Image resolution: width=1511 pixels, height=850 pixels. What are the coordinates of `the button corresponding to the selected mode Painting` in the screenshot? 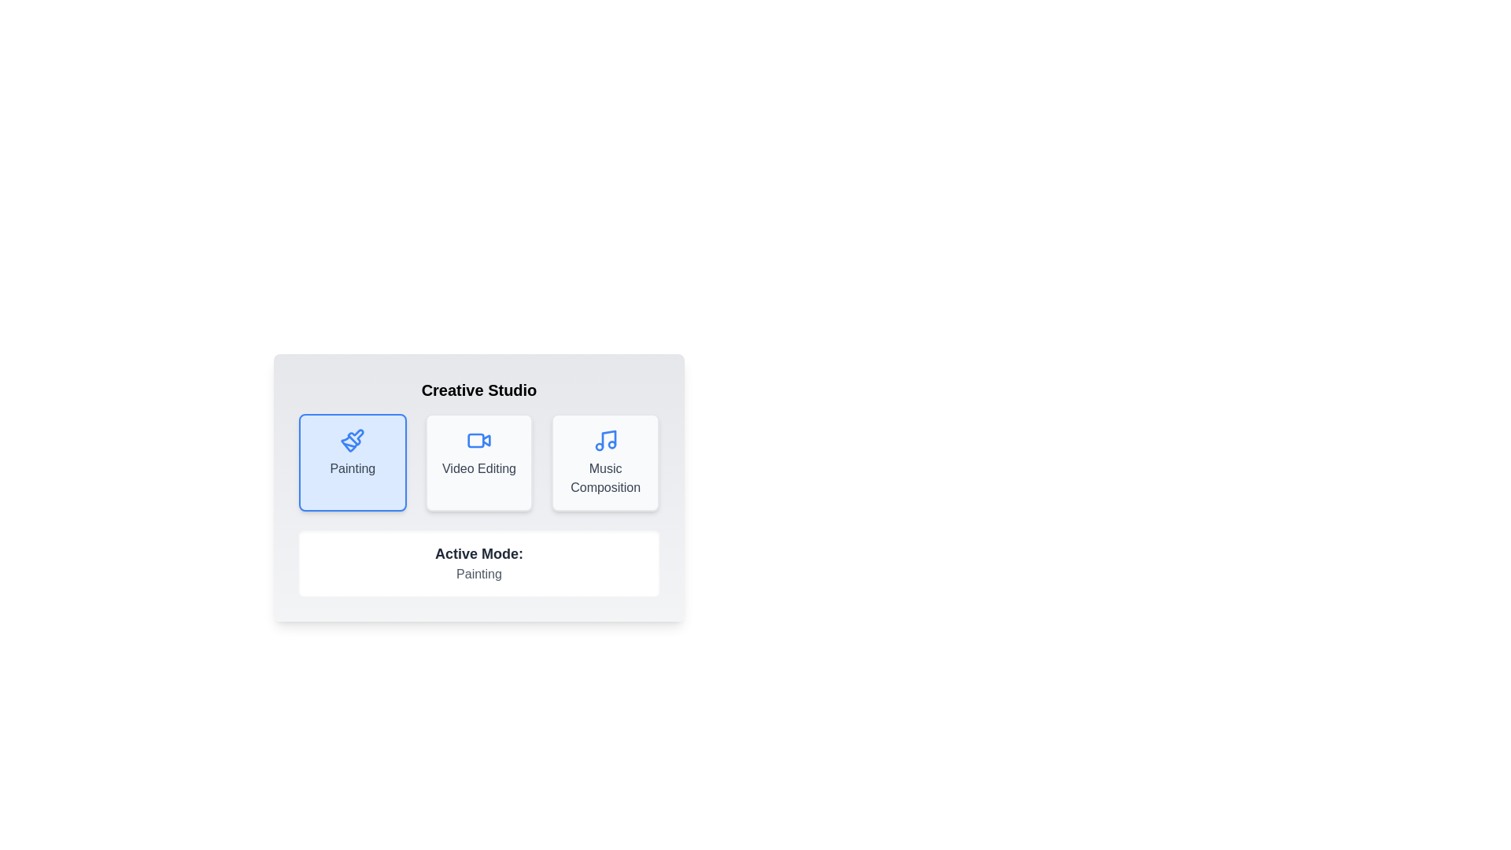 It's located at (351, 461).